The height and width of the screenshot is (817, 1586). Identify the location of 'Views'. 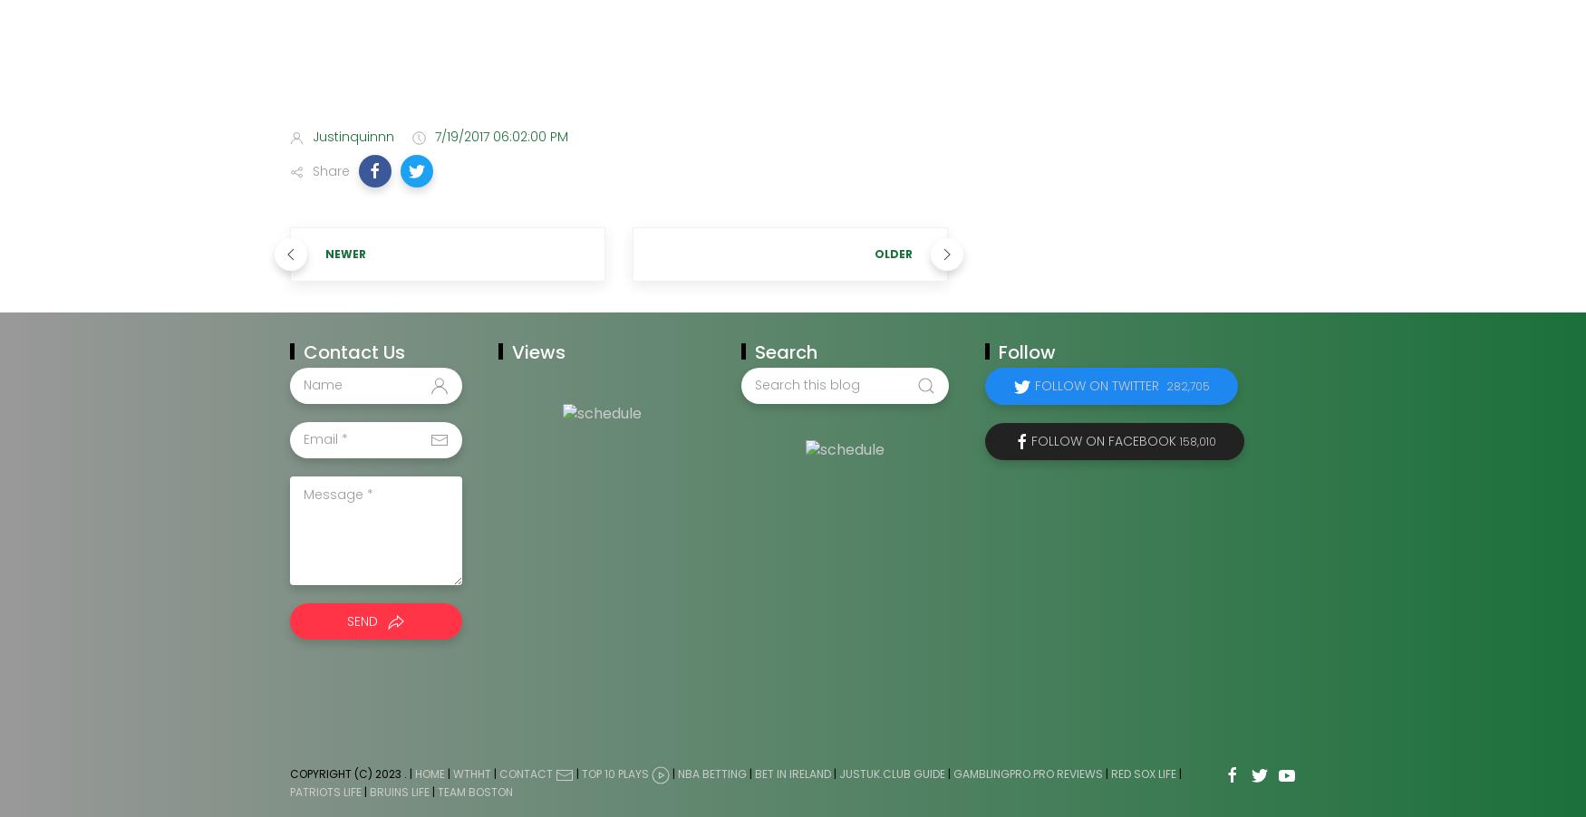
(538, 351).